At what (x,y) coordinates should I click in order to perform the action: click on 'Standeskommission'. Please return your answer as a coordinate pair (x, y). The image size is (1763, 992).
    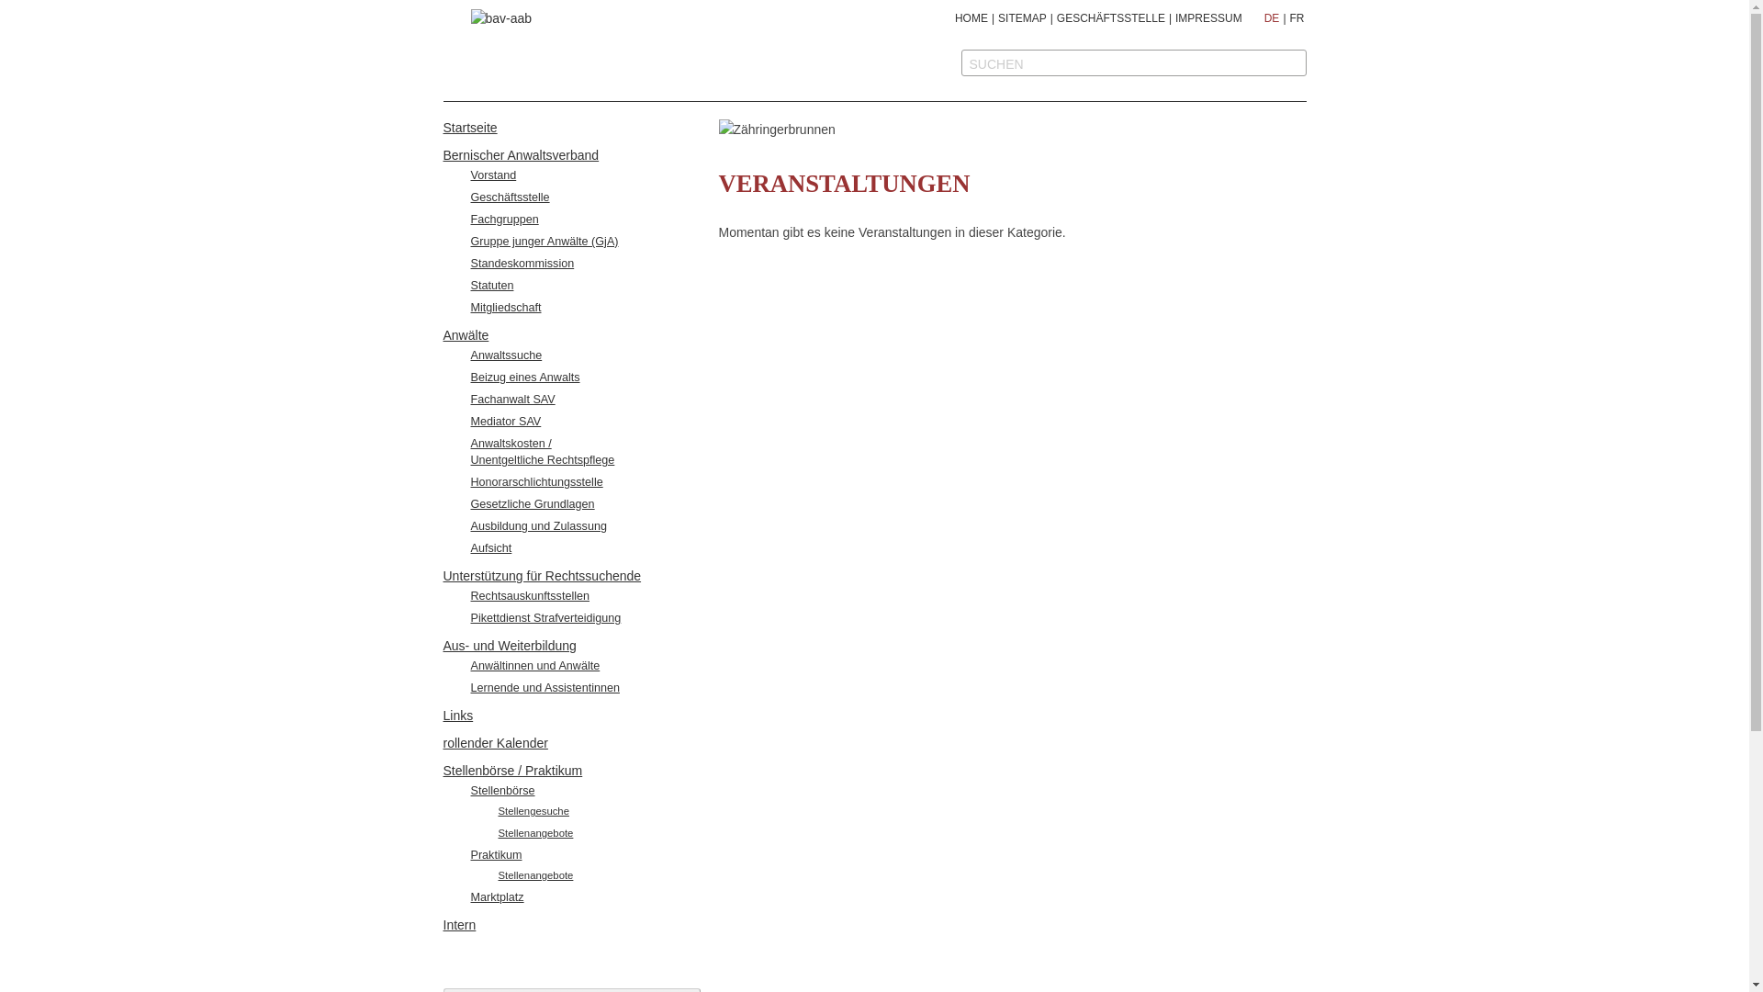
    Looking at the image, I should click on (521, 263).